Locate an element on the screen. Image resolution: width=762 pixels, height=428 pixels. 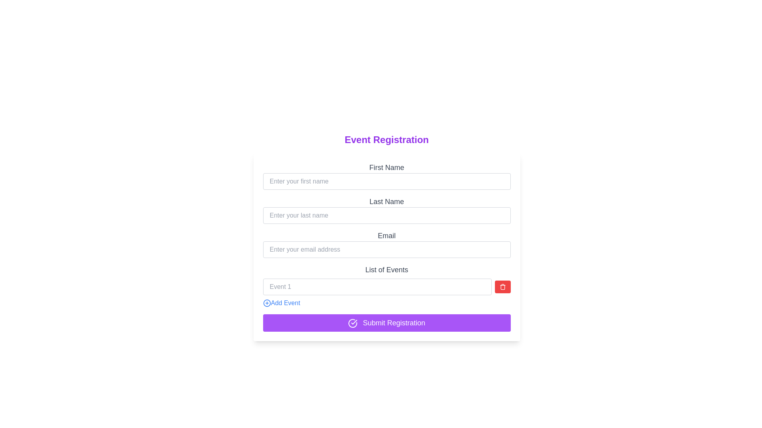
text from the 'List of Events' label, which is a bold gray text label located above the event input field in the registration form is located at coordinates (387, 269).